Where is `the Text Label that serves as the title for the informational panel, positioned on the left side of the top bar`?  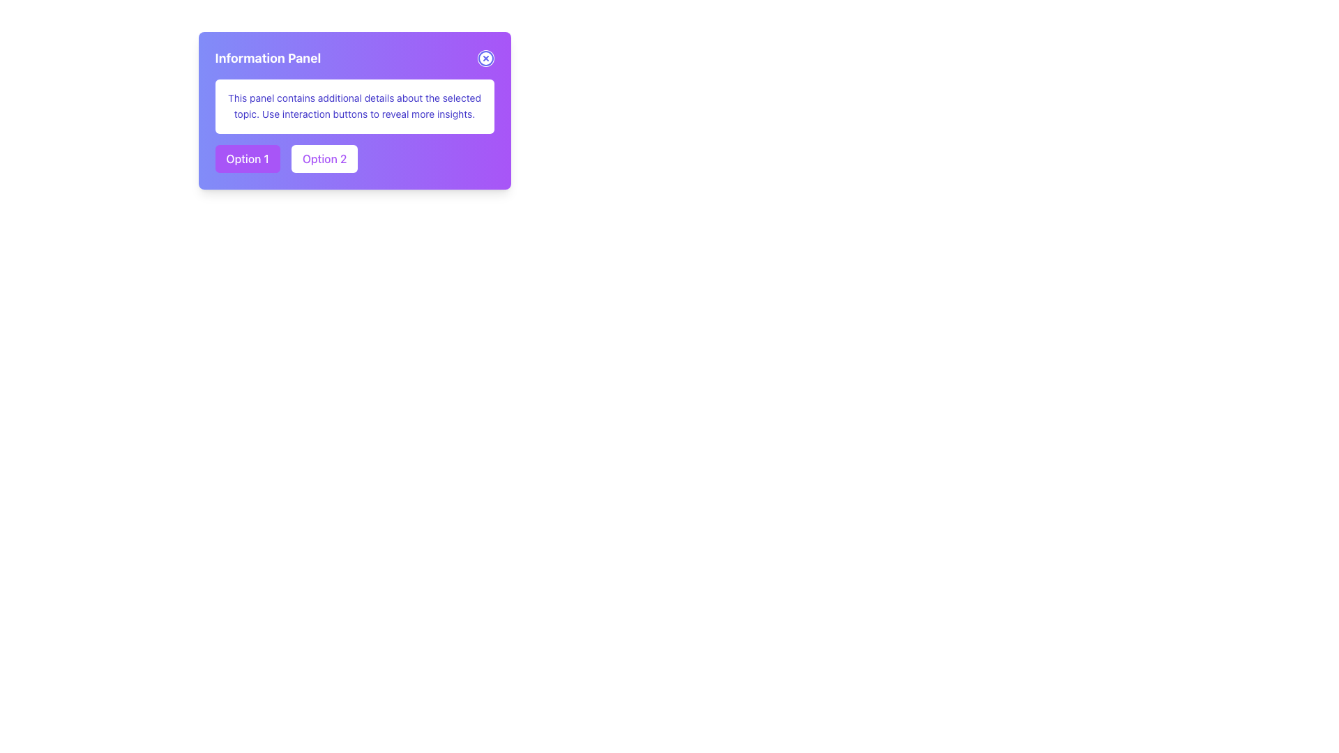
the Text Label that serves as the title for the informational panel, positioned on the left side of the top bar is located at coordinates (268, 58).